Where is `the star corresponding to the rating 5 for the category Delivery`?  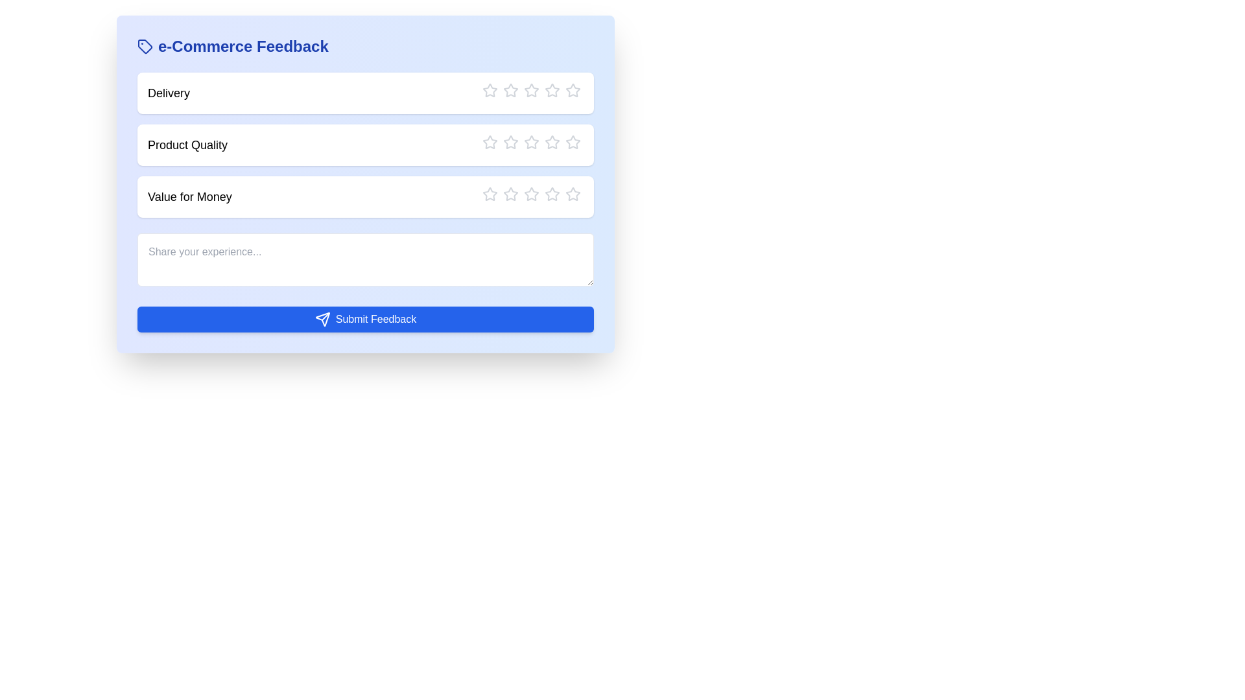 the star corresponding to the rating 5 for the category Delivery is located at coordinates (565, 89).